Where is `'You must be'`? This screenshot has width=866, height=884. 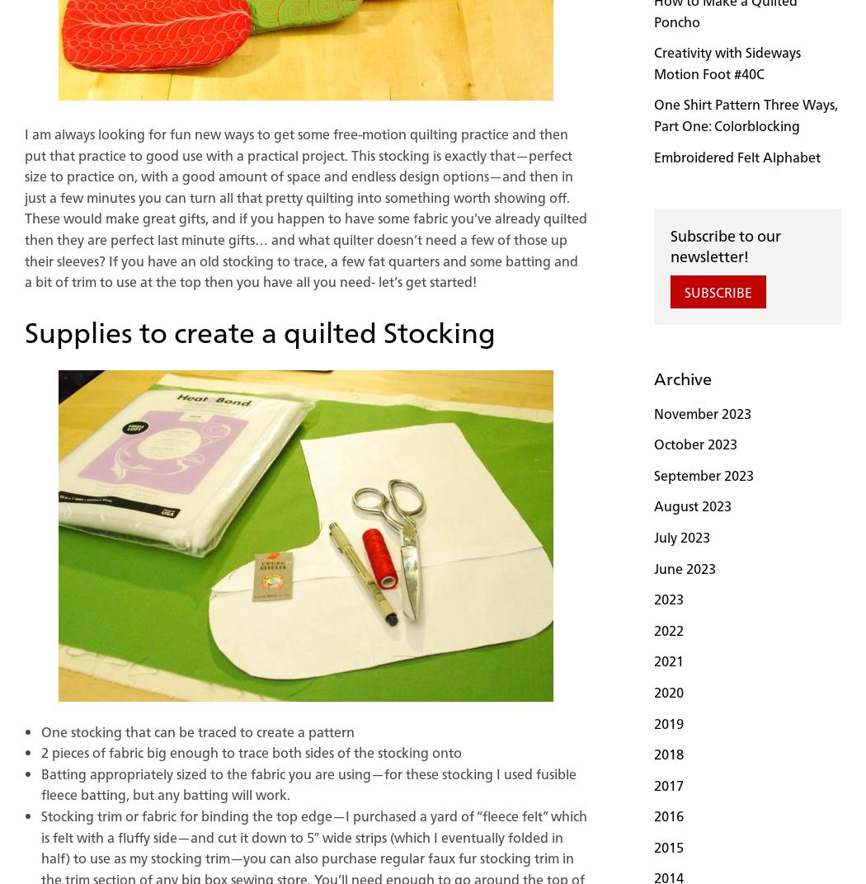
'You must be' is located at coordinates (57, 491).